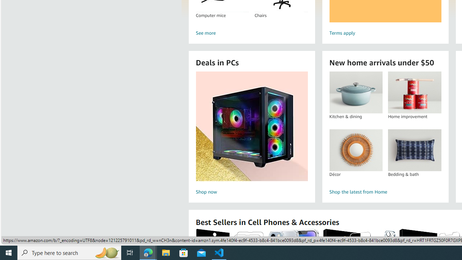 The width and height of the screenshot is (462, 260). Describe the element at coordinates (356, 92) in the screenshot. I see `'Kitchen & dining'` at that location.